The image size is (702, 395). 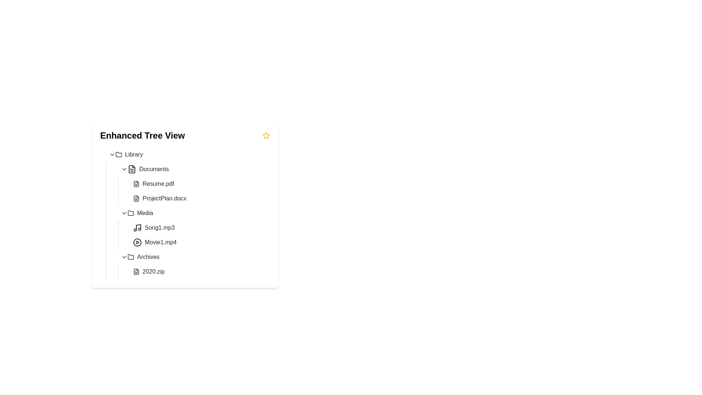 I want to click on the text label representing the file 'ProjectPlan.docx' located under the 'Documents' folder, so click(x=164, y=199).